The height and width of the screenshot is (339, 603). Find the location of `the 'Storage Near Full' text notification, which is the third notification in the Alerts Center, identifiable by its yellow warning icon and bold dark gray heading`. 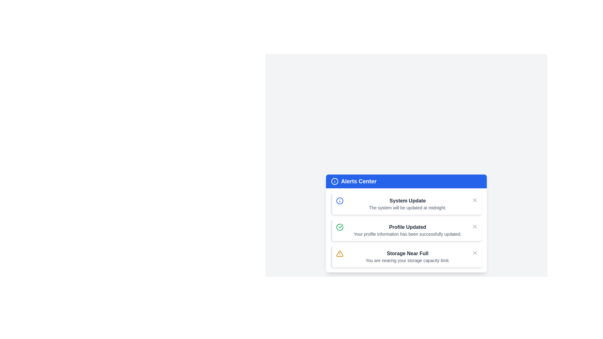

the 'Storage Near Full' text notification, which is the third notification in the Alerts Center, identifiable by its yellow warning icon and bold dark gray heading is located at coordinates (407, 256).